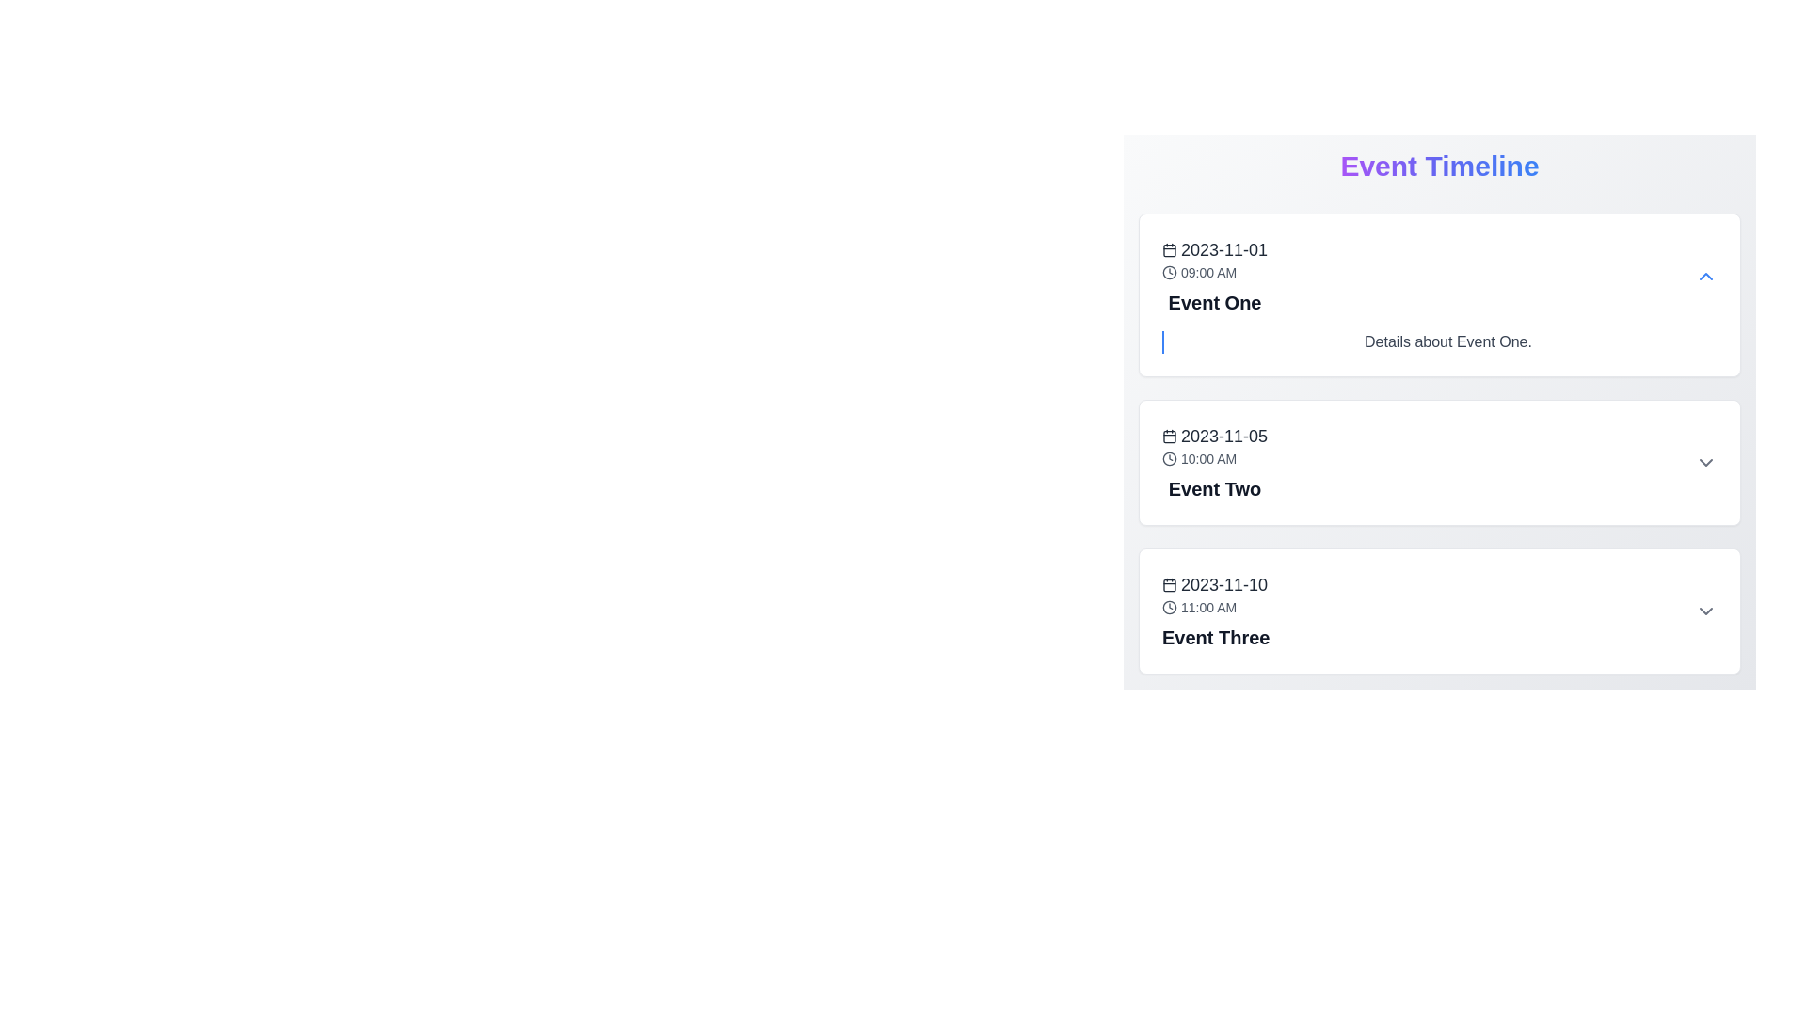 The height and width of the screenshot is (1016, 1807). What do you see at coordinates (1169, 436) in the screenshot?
I see `the central calendar icon element to interact with its date-related functionalities` at bounding box center [1169, 436].